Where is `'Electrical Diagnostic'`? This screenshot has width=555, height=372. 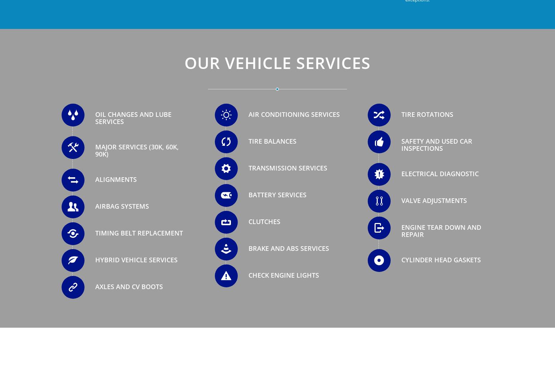
'Electrical Diagnostic' is located at coordinates (401, 173).